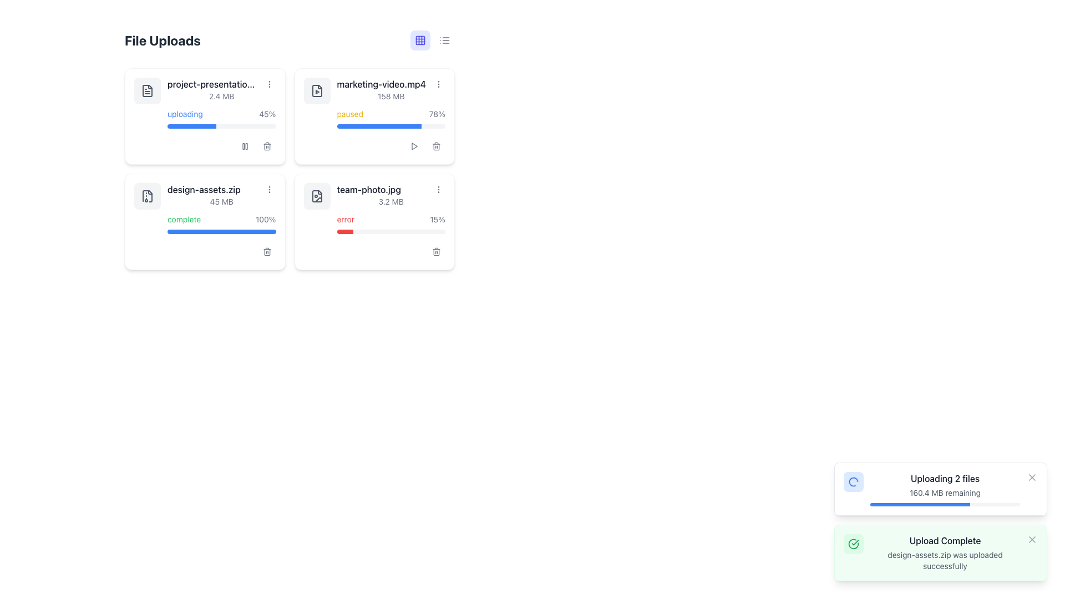 This screenshot has height=599, width=1065. Describe the element at coordinates (391, 201) in the screenshot. I see `the Static Text Display showing '3.2 MB' within the file upload card for 'team-photo.jpg'` at that location.